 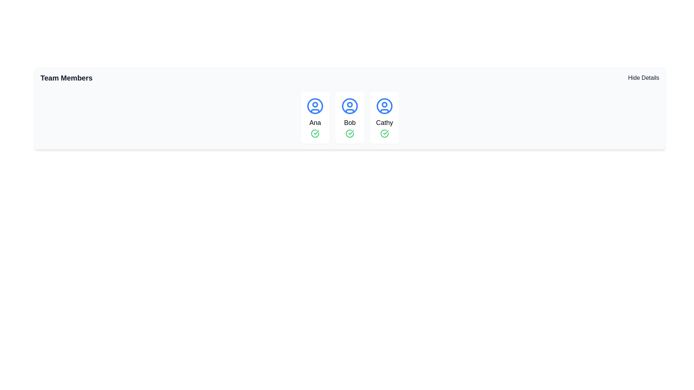 What do you see at coordinates (350, 134) in the screenshot?
I see `the green circular icon with a white checkmark inside, located within the 'Bob' user card, which is the second checkmark icon among three user cards` at bounding box center [350, 134].